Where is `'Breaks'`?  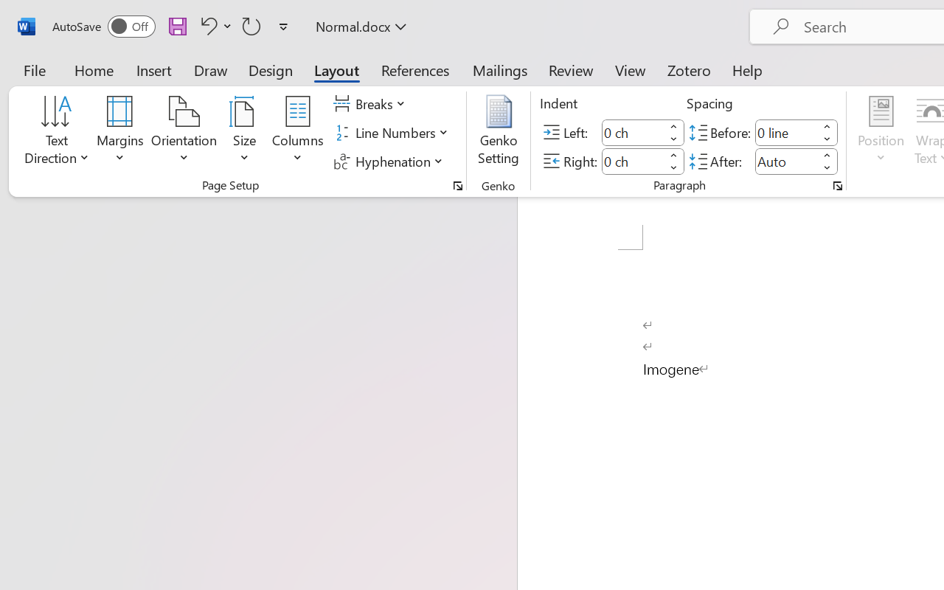
'Breaks' is located at coordinates (372, 104).